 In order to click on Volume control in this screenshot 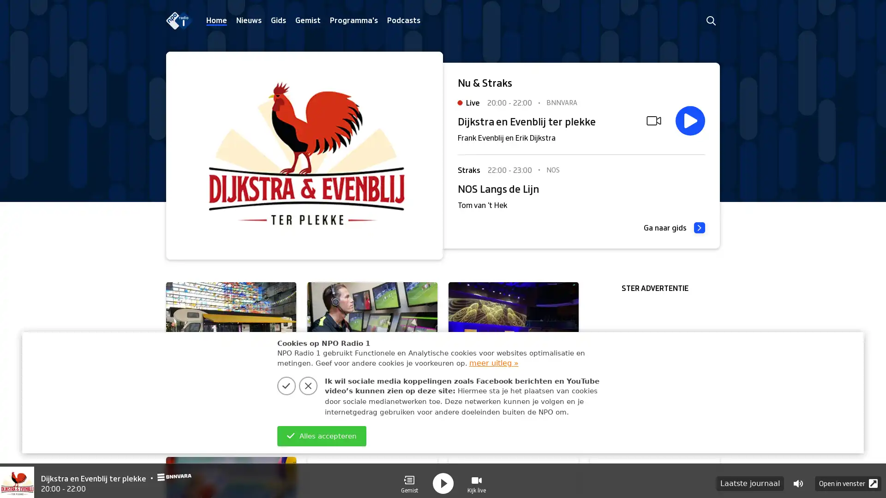, I will do `click(797, 478)`.